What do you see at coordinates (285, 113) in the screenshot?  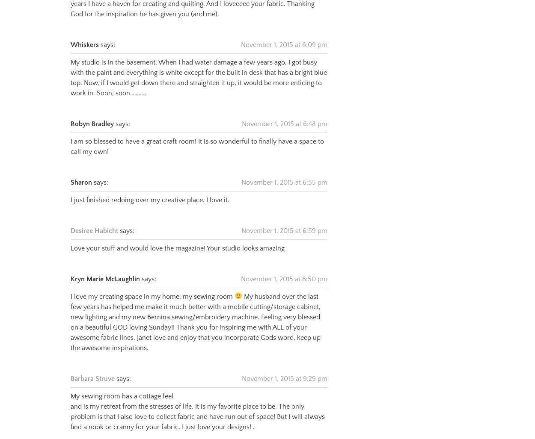 I see `'November 1, 2015 at 6:48 pm'` at bounding box center [285, 113].